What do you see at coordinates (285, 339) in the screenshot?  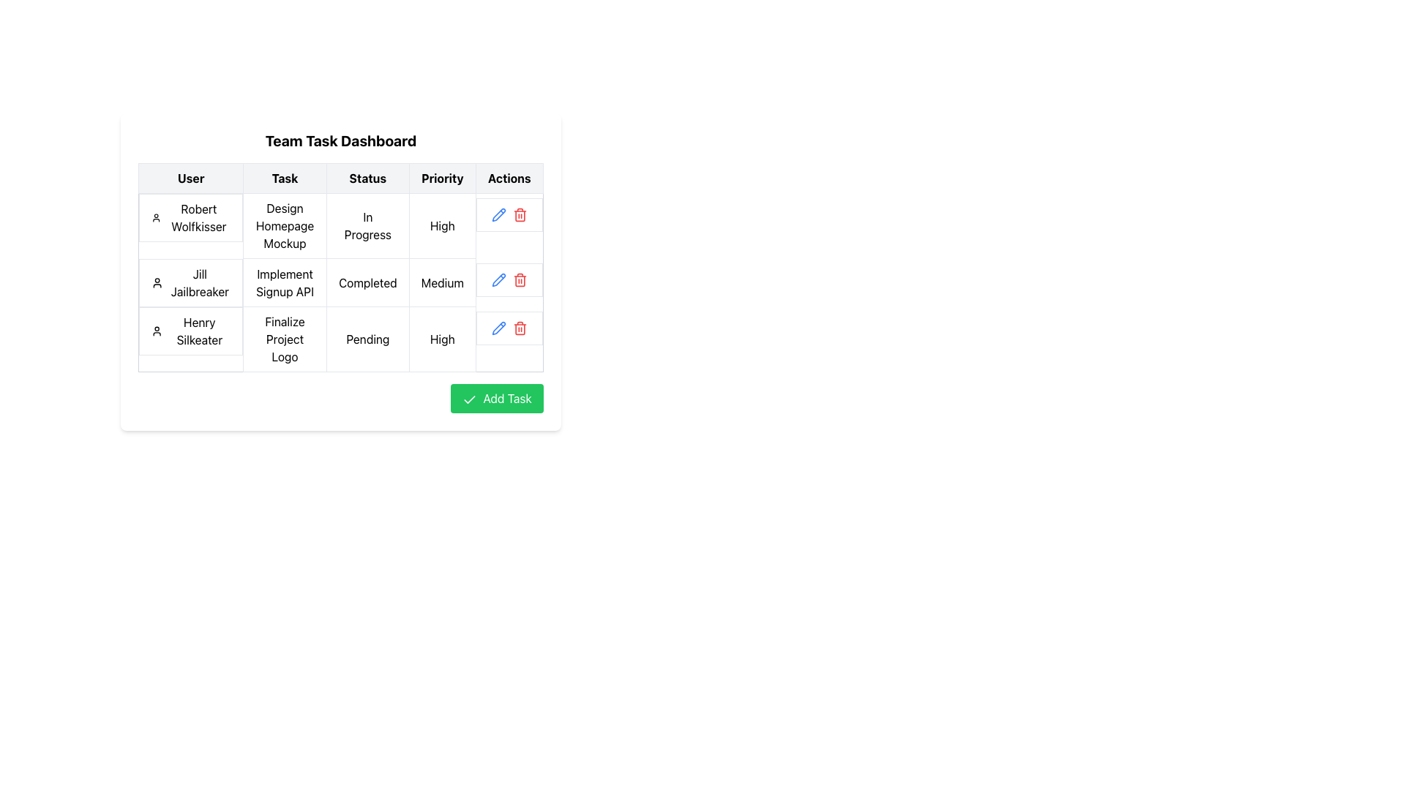 I see `the Static Text Label displaying 'Finalize Project Logo' in the third row of the 'Task' column for user 'Henry Silkeater'` at bounding box center [285, 339].